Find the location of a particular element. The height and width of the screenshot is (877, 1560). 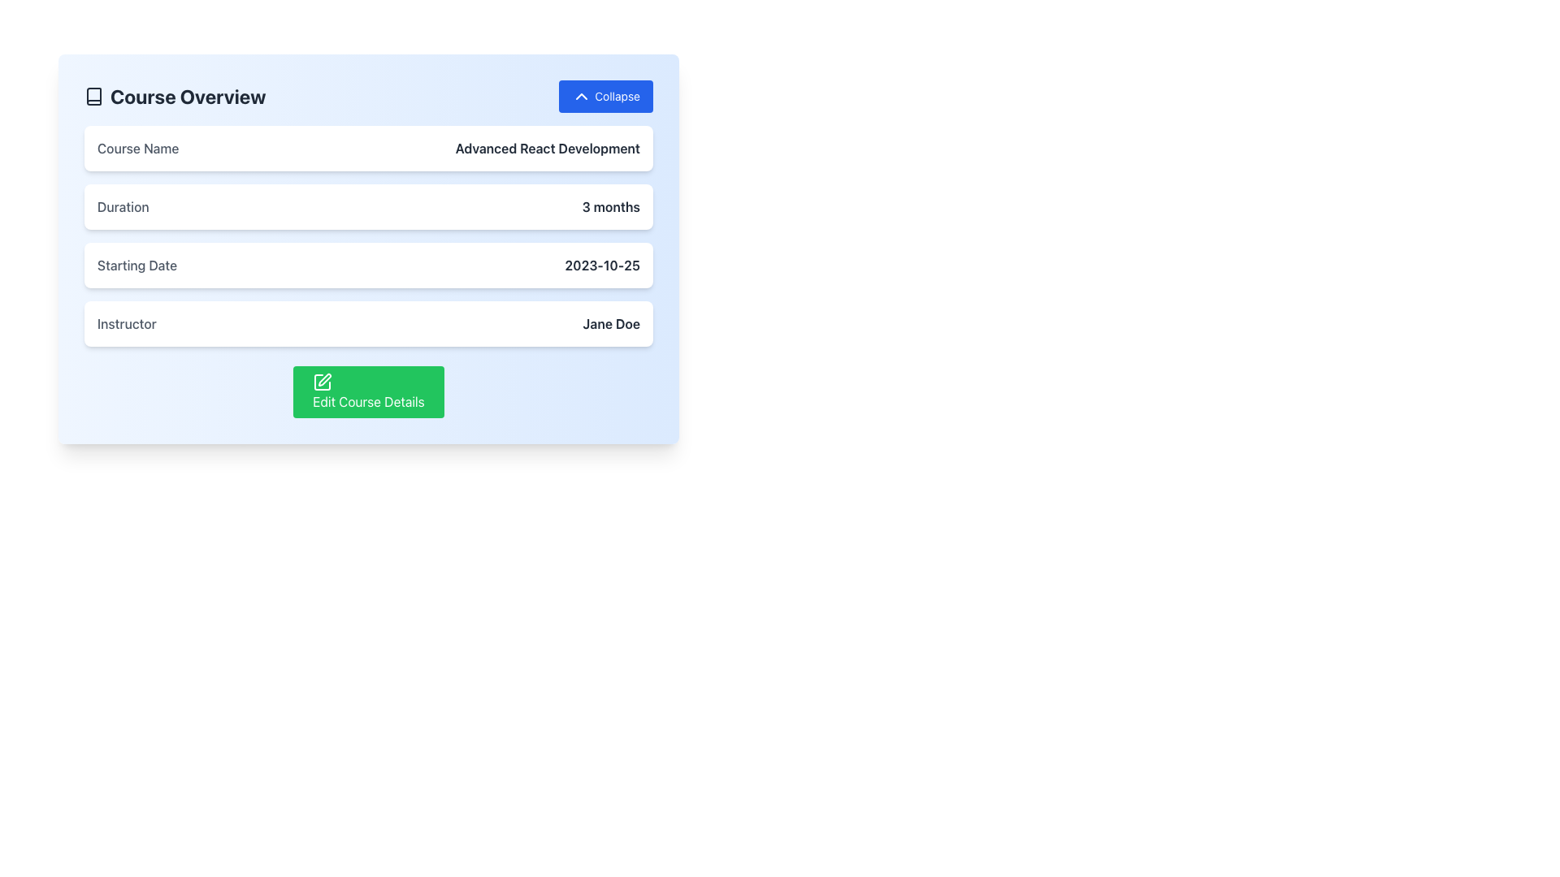

the text label that displays the course duration as '3 months,' located on the right end of the row labeled 'Duration' within the course details card is located at coordinates (610, 205).